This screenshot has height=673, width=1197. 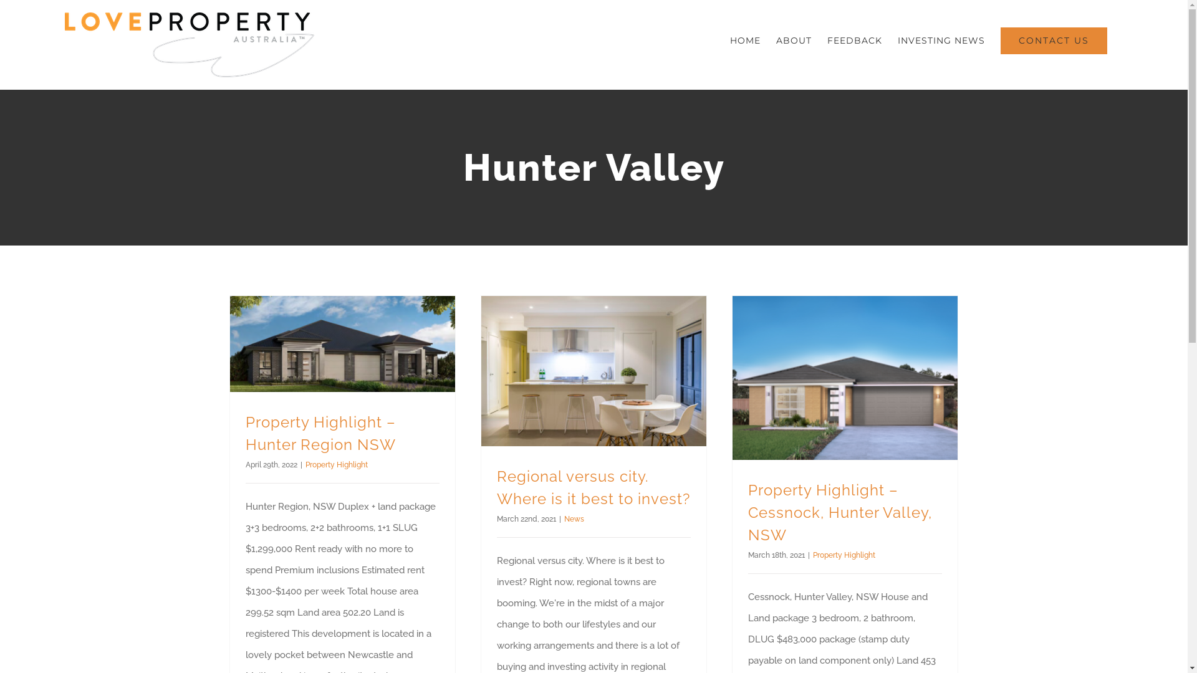 What do you see at coordinates (1053, 40) in the screenshot?
I see `'CONTACT US'` at bounding box center [1053, 40].